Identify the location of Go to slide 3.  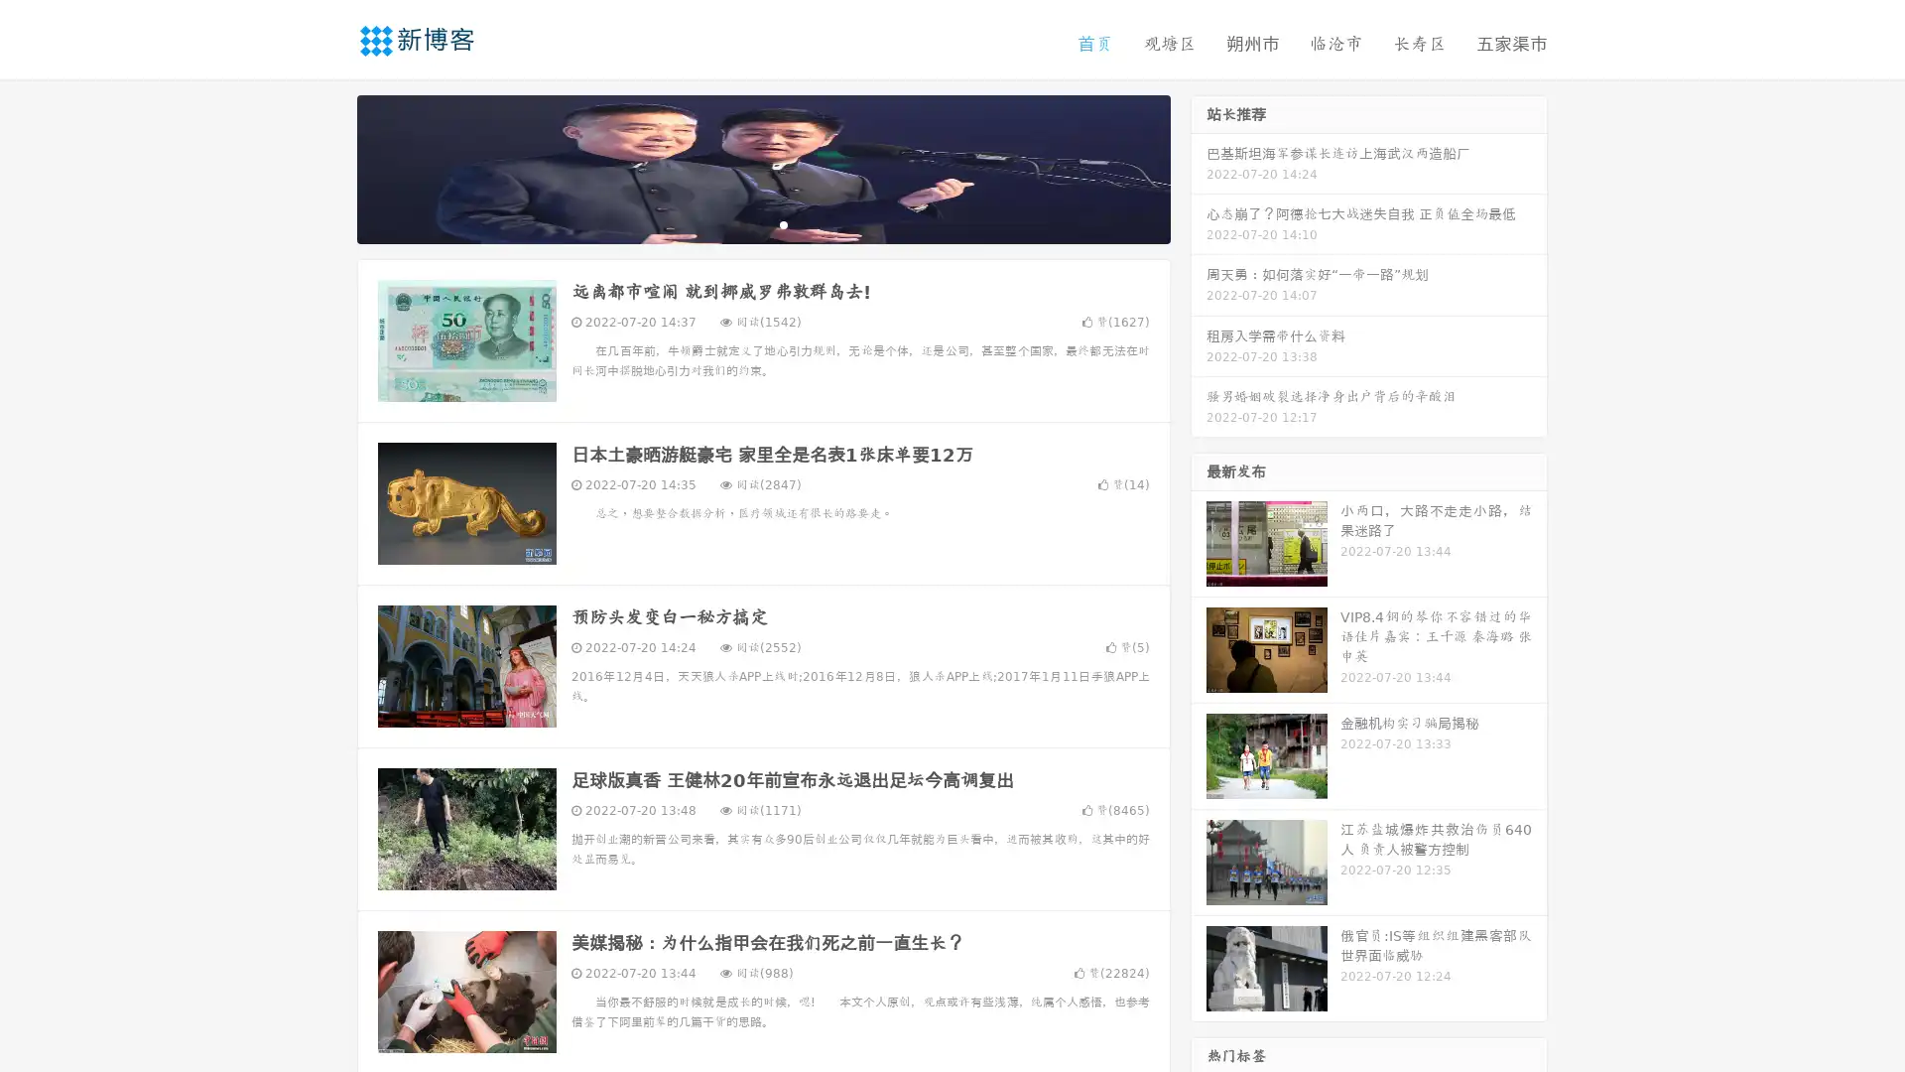
(783, 223).